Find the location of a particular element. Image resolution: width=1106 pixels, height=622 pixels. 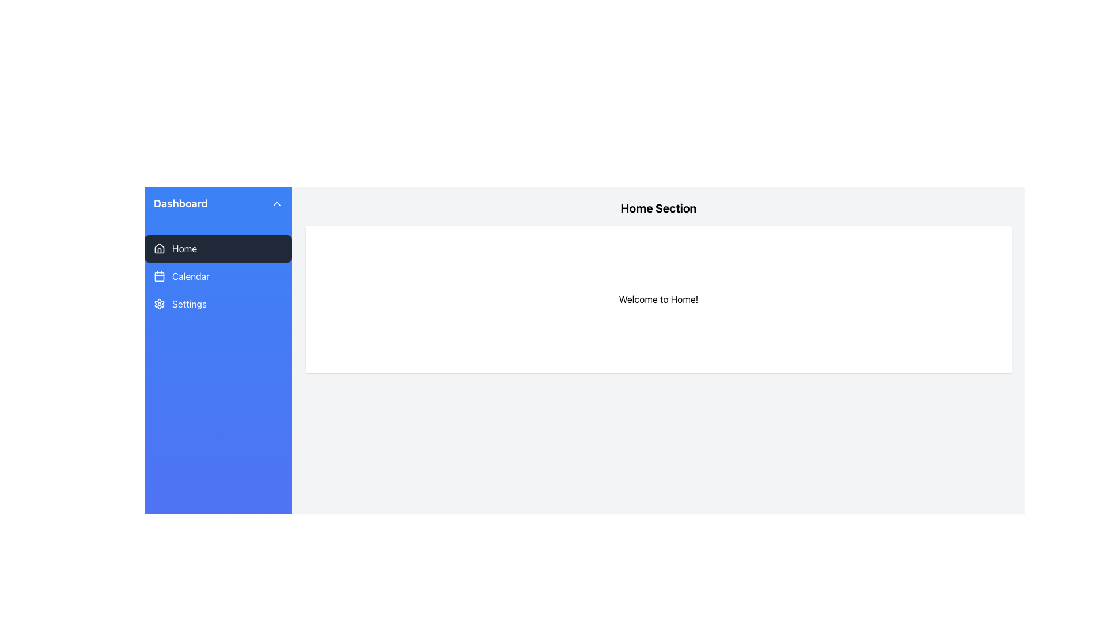

the settings cogwheel icon located beside the 'Settings' text label in the left-side navigation bar is located at coordinates (159, 304).